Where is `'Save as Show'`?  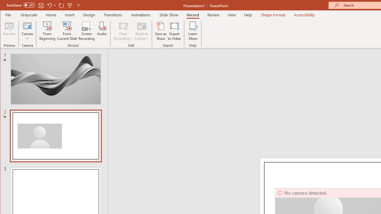 'Save as Show' is located at coordinates (161, 31).